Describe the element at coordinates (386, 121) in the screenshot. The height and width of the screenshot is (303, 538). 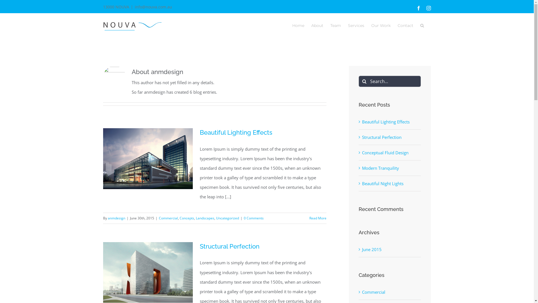
I see `'Beautiful Lighting Effects'` at that location.